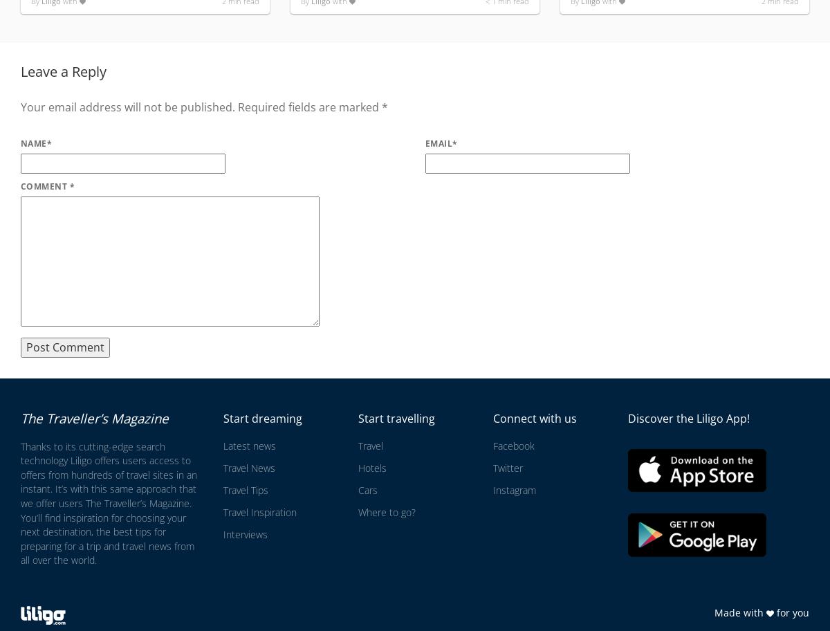  What do you see at coordinates (33, 142) in the screenshot?
I see `'Name'` at bounding box center [33, 142].